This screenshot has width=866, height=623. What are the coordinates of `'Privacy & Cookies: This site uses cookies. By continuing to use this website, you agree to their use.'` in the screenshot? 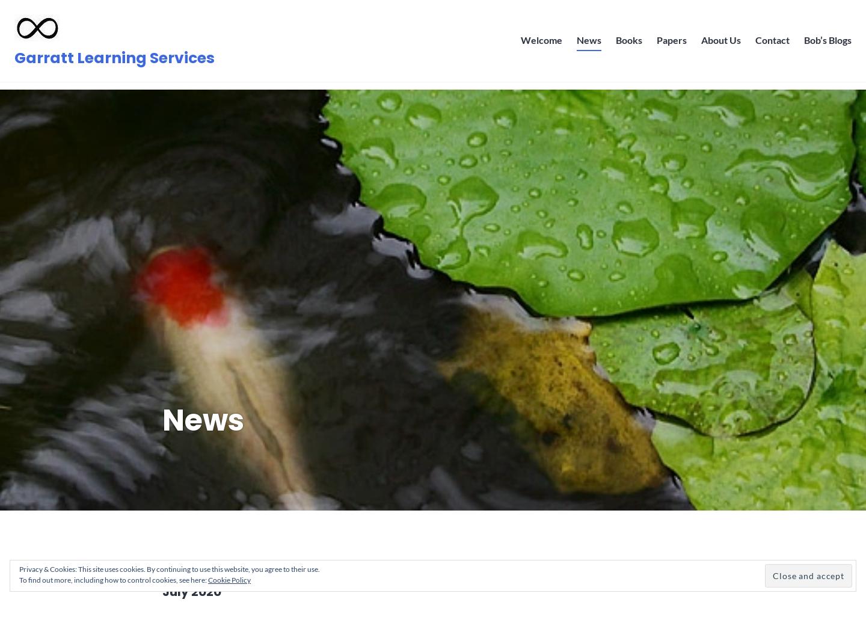 It's located at (168, 569).